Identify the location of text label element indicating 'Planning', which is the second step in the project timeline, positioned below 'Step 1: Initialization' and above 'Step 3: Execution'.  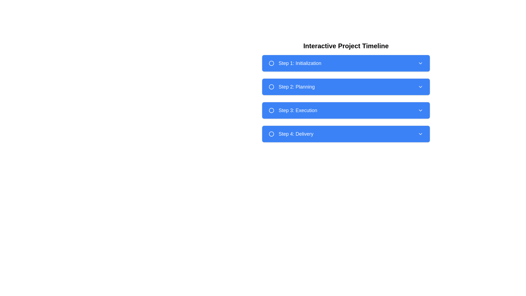
(291, 86).